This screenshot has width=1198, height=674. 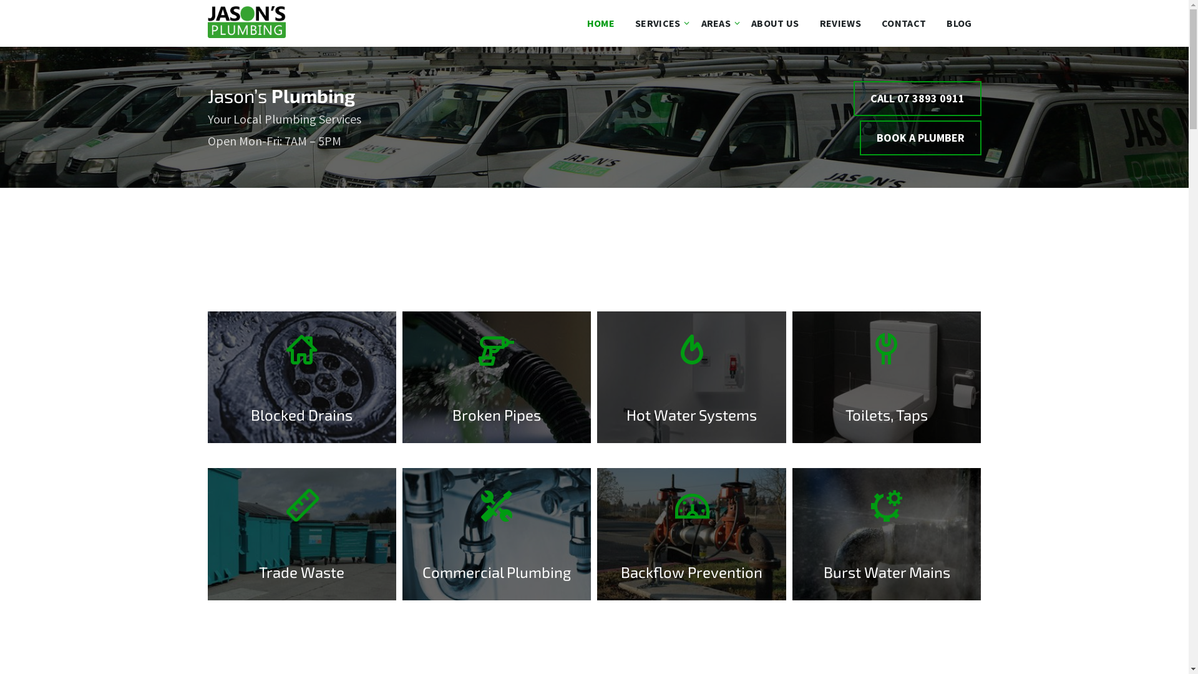 I want to click on 'BOOK A PLUMBER', so click(x=920, y=137).